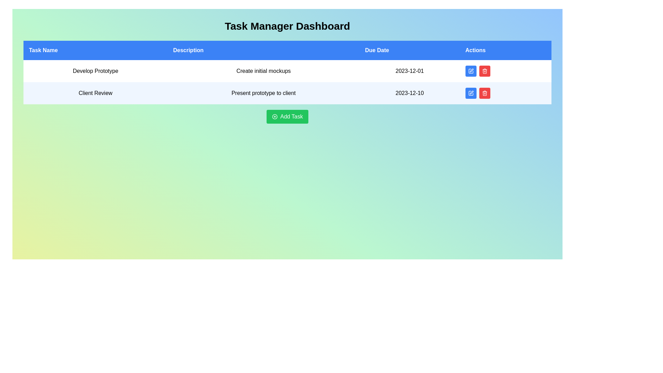 This screenshot has width=663, height=373. What do you see at coordinates (470, 71) in the screenshot?
I see `the blue button with rounded corners and a white pen icon located in the first row under the Actions column` at bounding box center [470, 71].